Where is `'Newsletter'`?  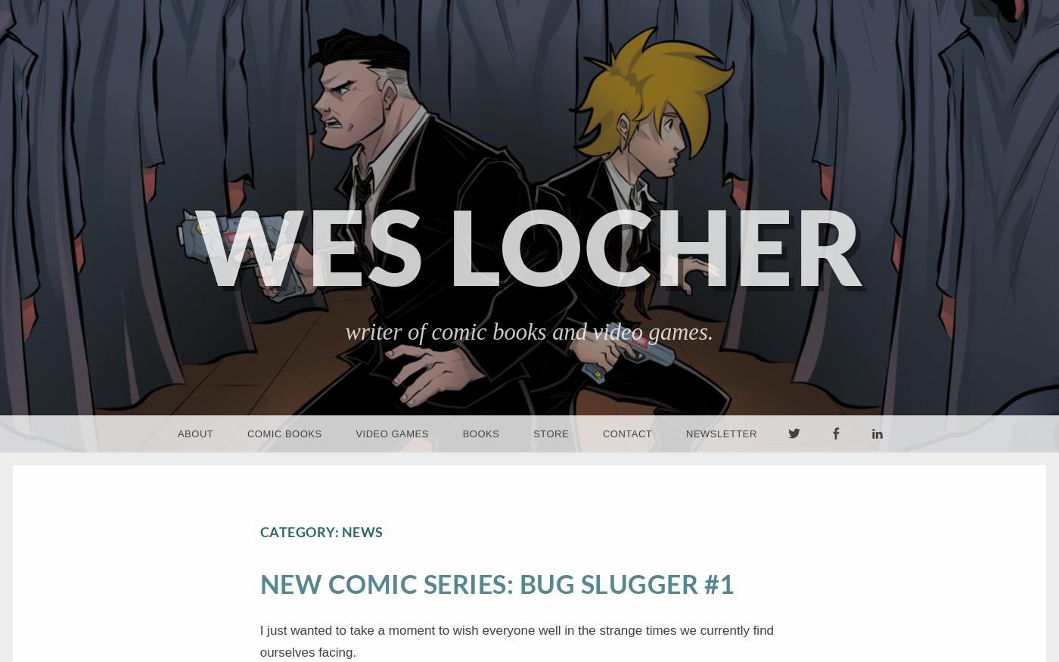 'Newsletter' is located at coordinates (721, 434).